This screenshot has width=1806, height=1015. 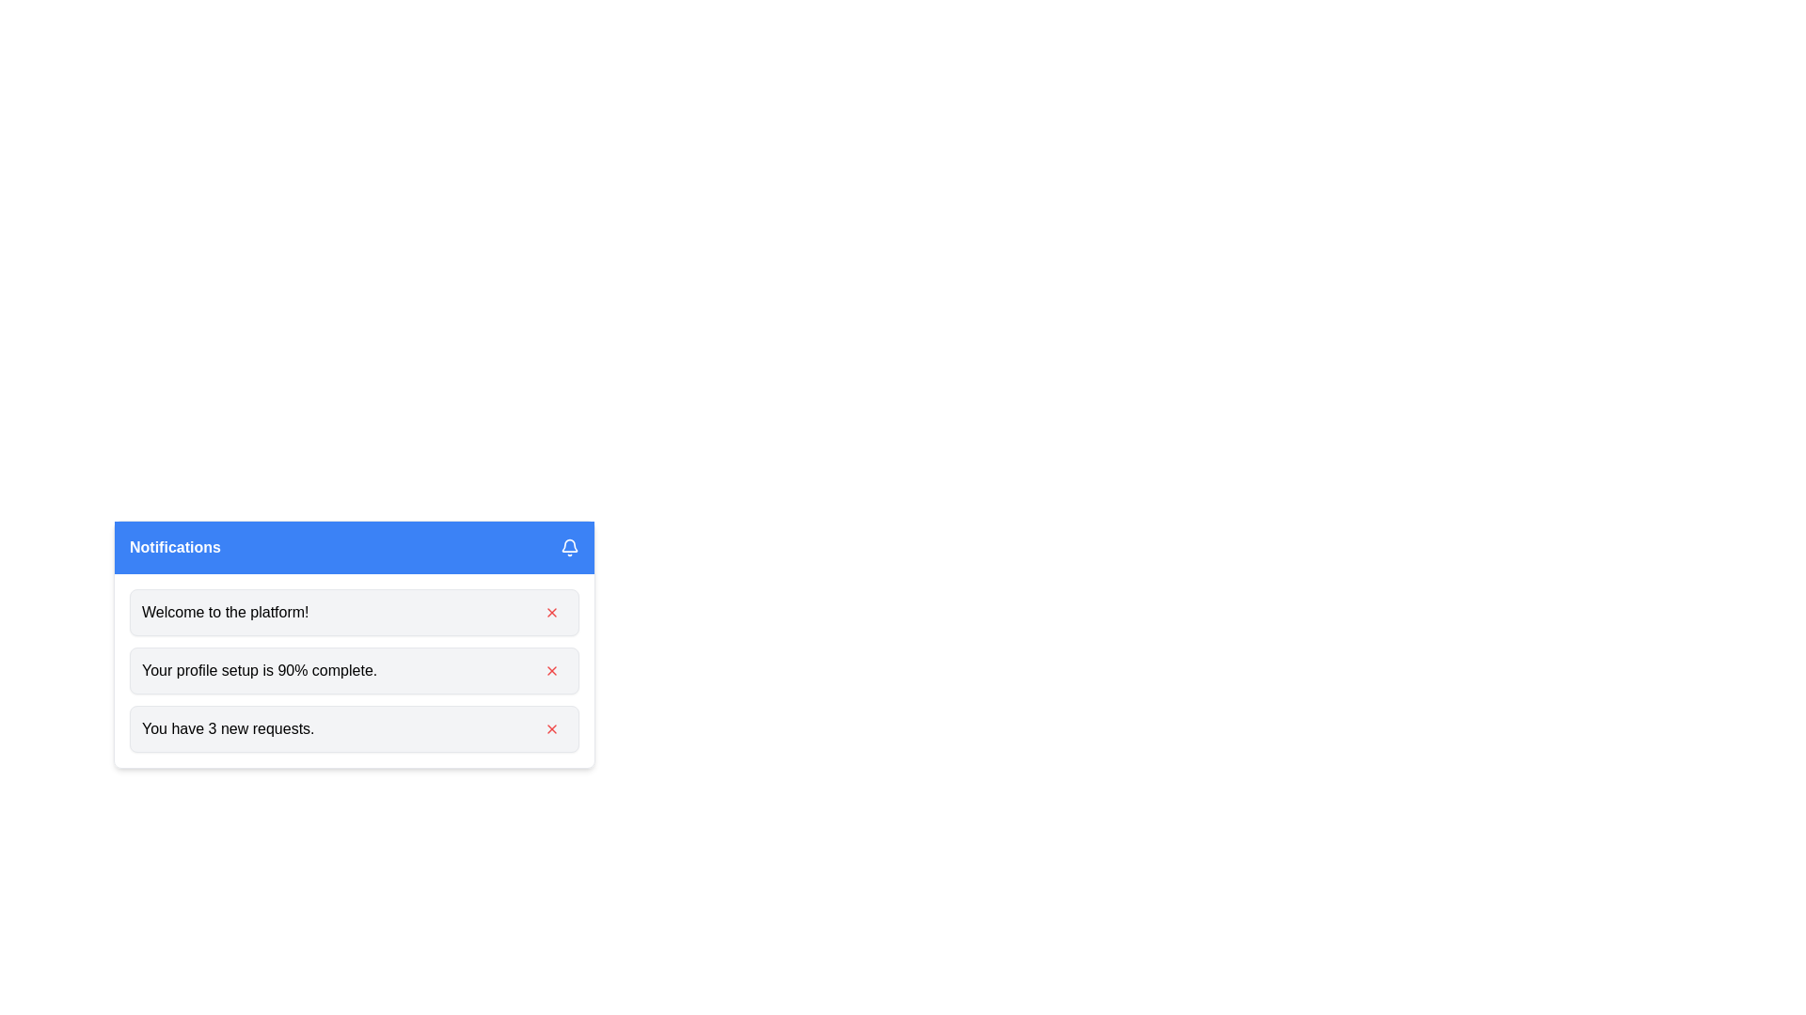 I want to click on the Close Button located on the far right side of the 'Welcome to the platform!' notification panel, so click(x=550, y=612).